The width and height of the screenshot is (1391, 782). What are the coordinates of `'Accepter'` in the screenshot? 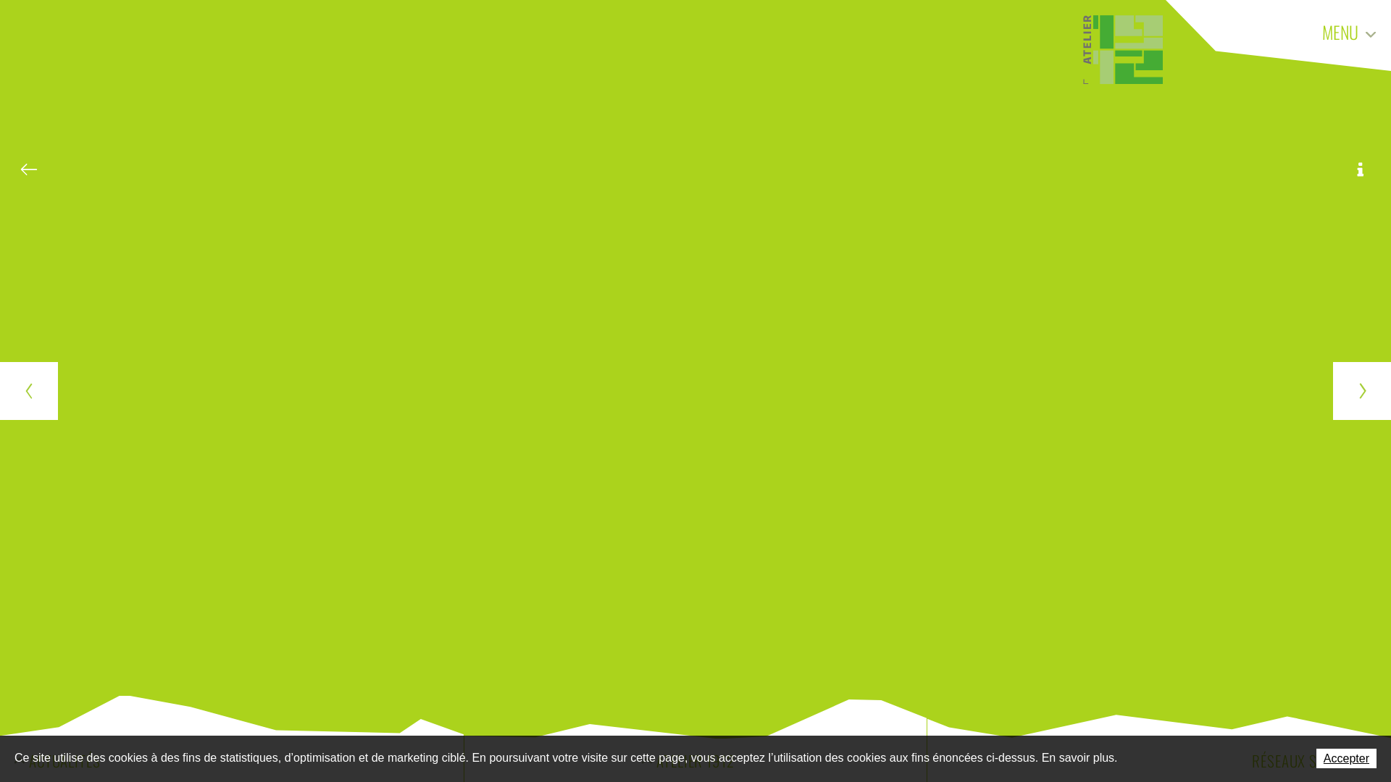 It's located at (1316, 757).